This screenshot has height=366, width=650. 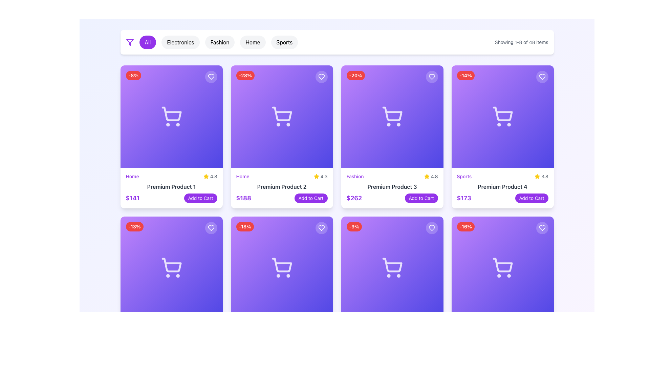 What do you see at coordinates (392, 267) in the screenshot?
I see `the interactive product display element located in the fourth row and fourth column of the grid, which includes icons for a discount badge, shopping cart, and favorite heart` at bounding box center [392, 267].